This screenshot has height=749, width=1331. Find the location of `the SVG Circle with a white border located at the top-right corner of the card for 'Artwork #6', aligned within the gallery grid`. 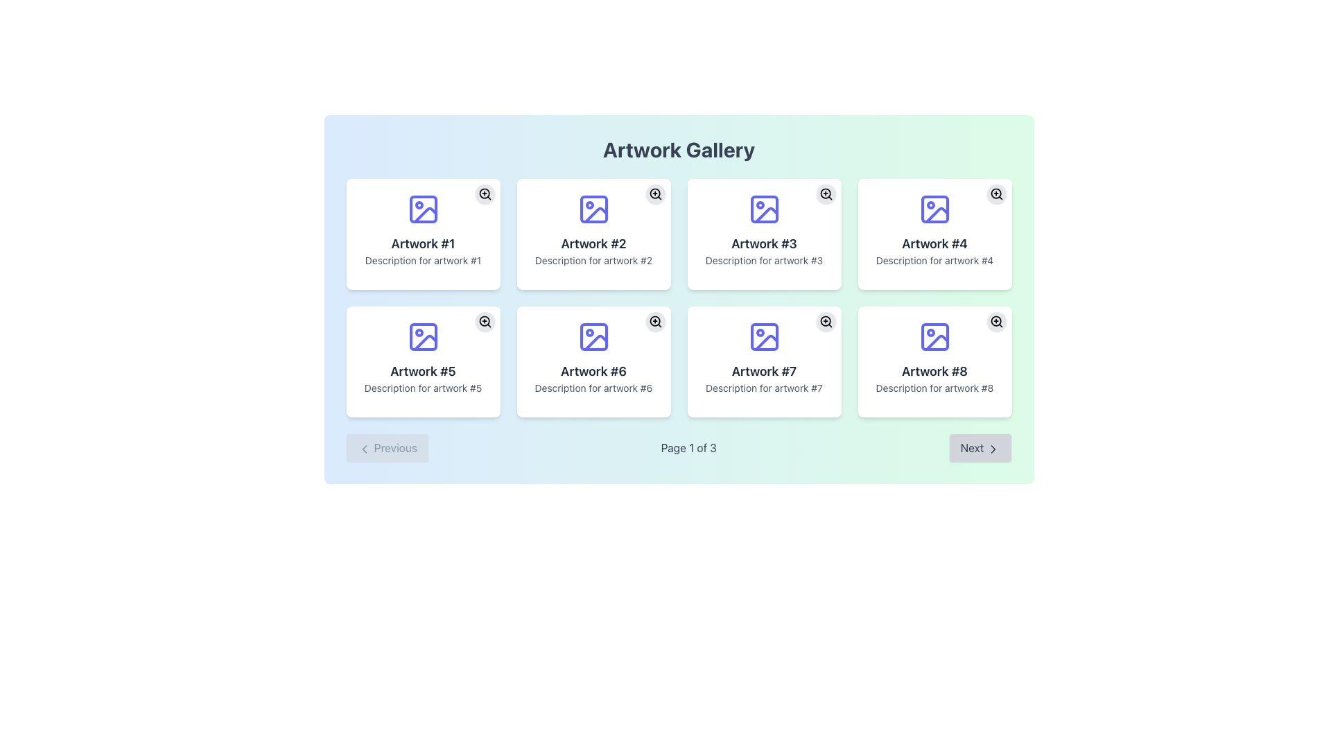

the SVG Circle with a white border located at the top-right corner of the card for 'Artwork #6', aligned within the gallery grid is located at coordinates (654, 321).